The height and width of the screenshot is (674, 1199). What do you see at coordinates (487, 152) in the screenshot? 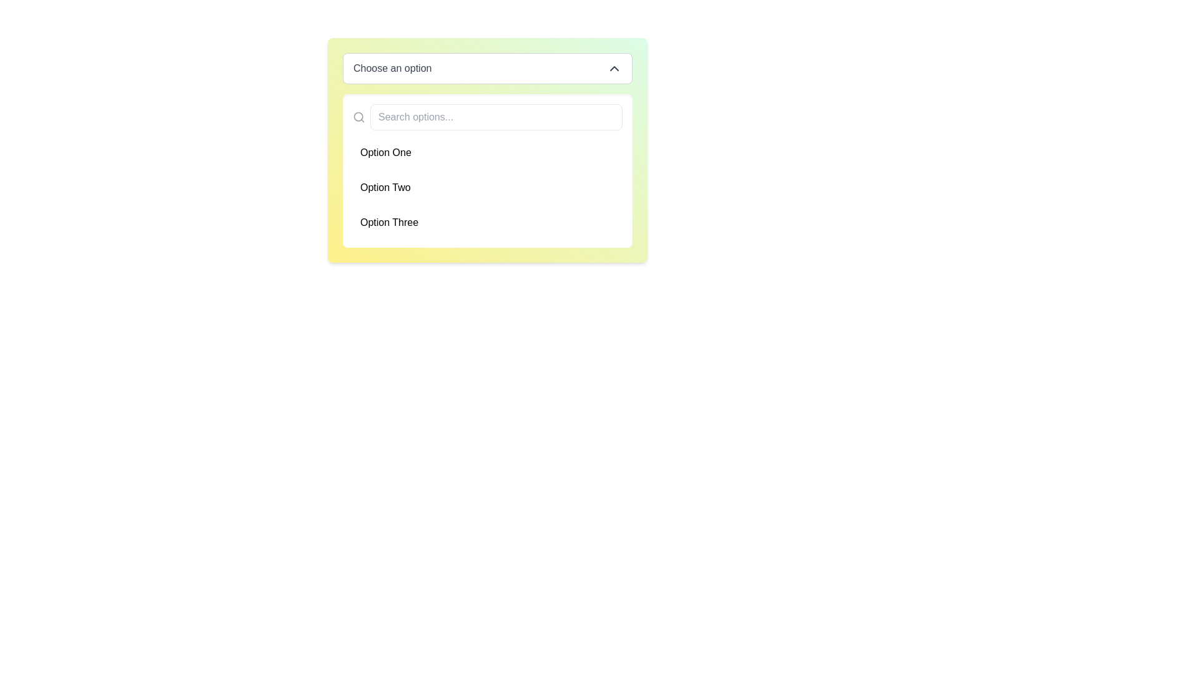
I see `the first list option labeled 'Option One'` at bounding box center [487, 152].